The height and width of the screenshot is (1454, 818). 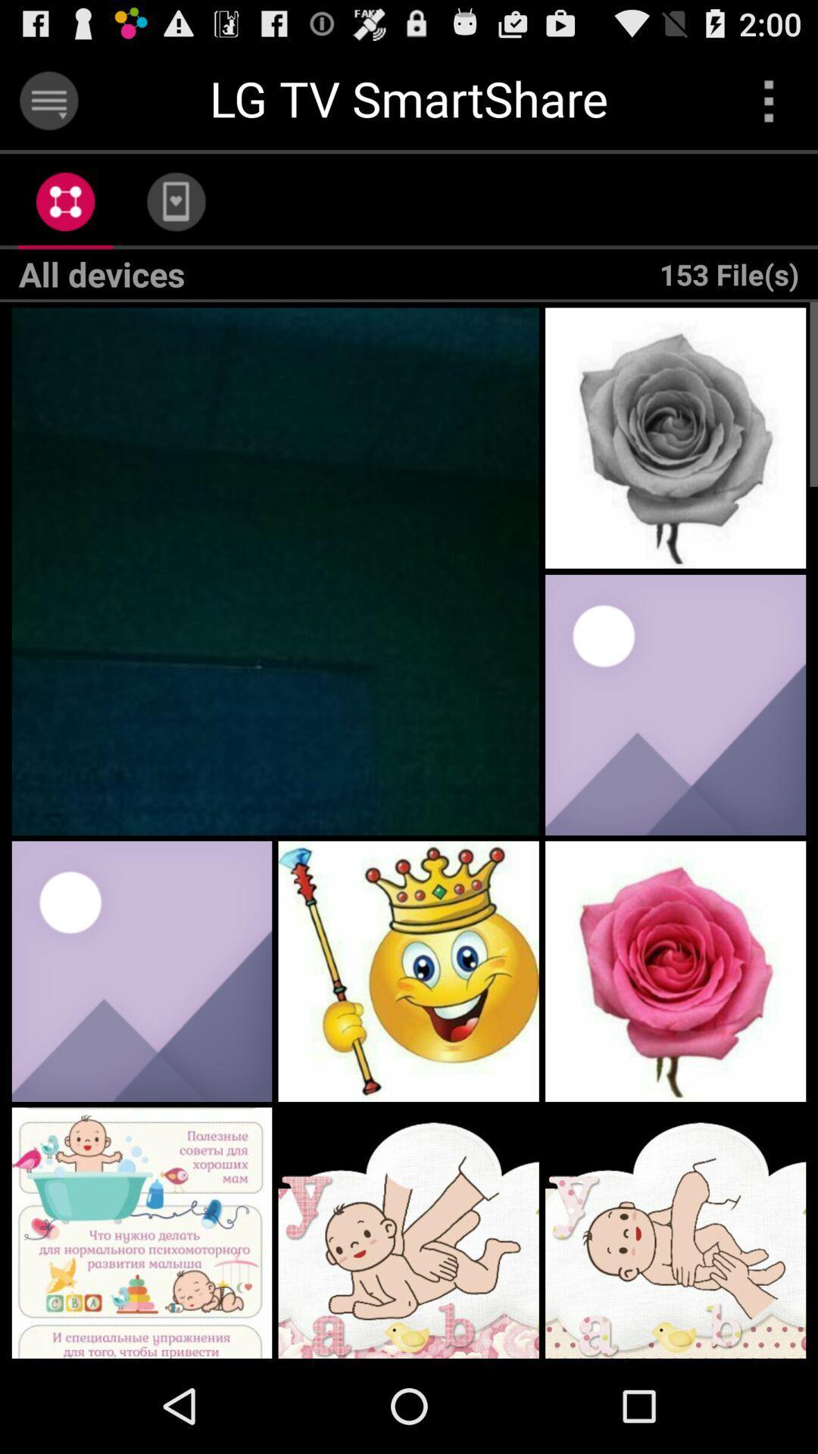 I want to click on the app to the left of 153 file(s), so click(x=175, y=201).